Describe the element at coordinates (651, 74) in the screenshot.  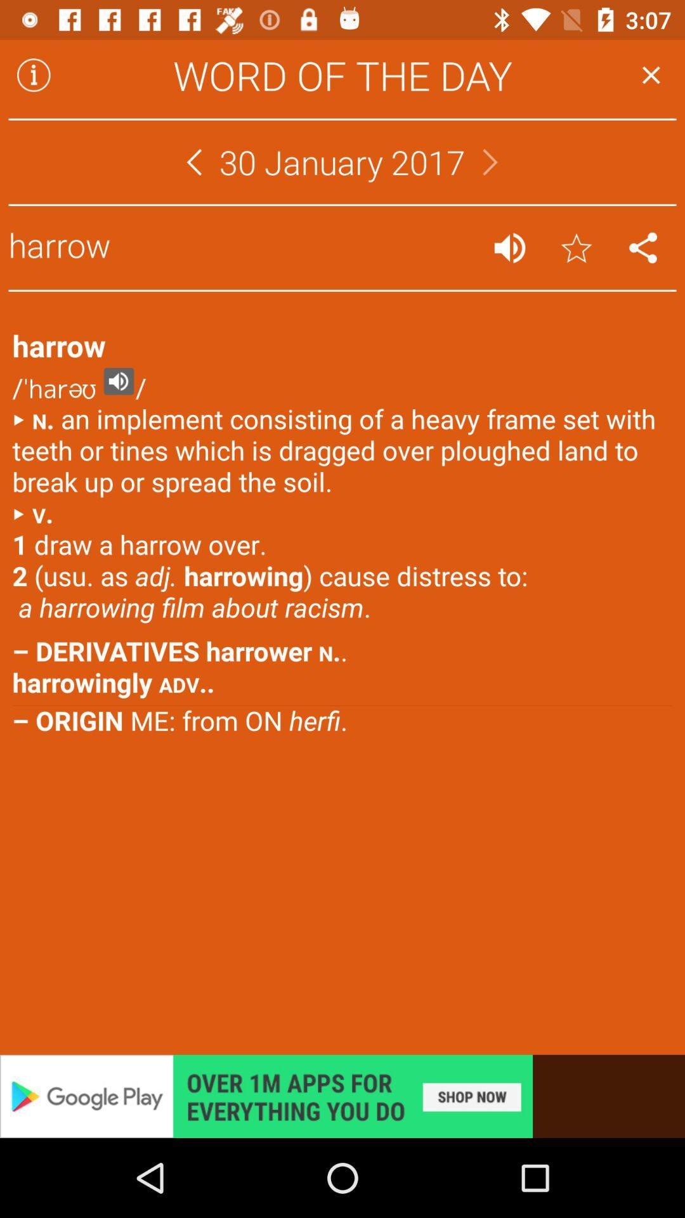
I see `exit word of the day` at that location.